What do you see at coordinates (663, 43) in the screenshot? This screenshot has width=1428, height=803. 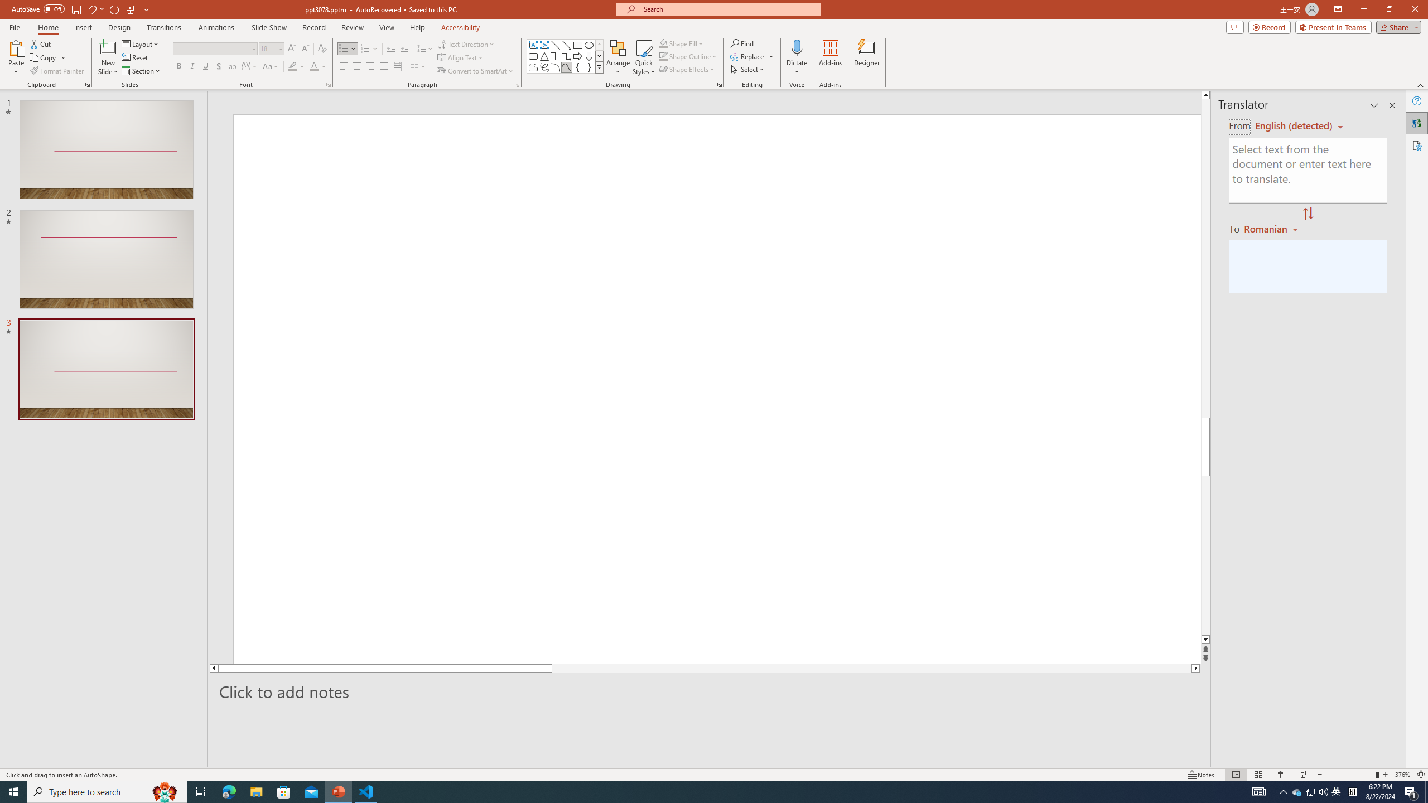 I see `'Shape Fill Dark Green, Accent 2'` at bounding box center [663, 43].